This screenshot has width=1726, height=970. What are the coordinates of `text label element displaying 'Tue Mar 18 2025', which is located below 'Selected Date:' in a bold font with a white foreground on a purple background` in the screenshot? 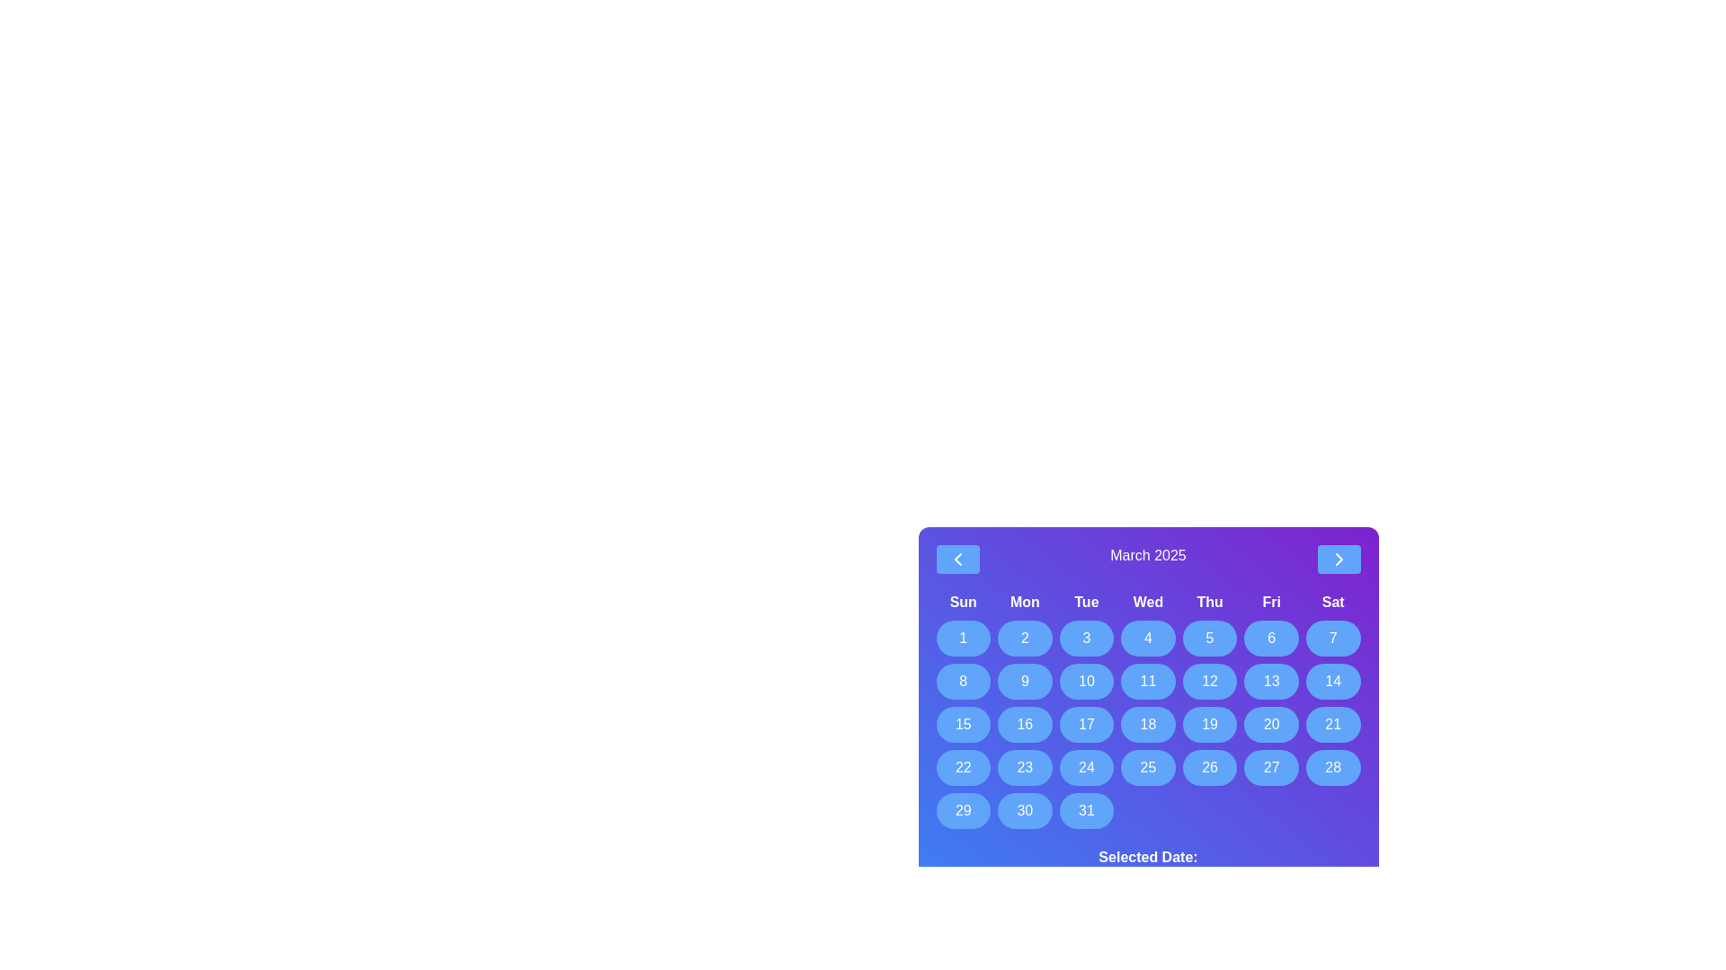 It's located at (1147, 878).